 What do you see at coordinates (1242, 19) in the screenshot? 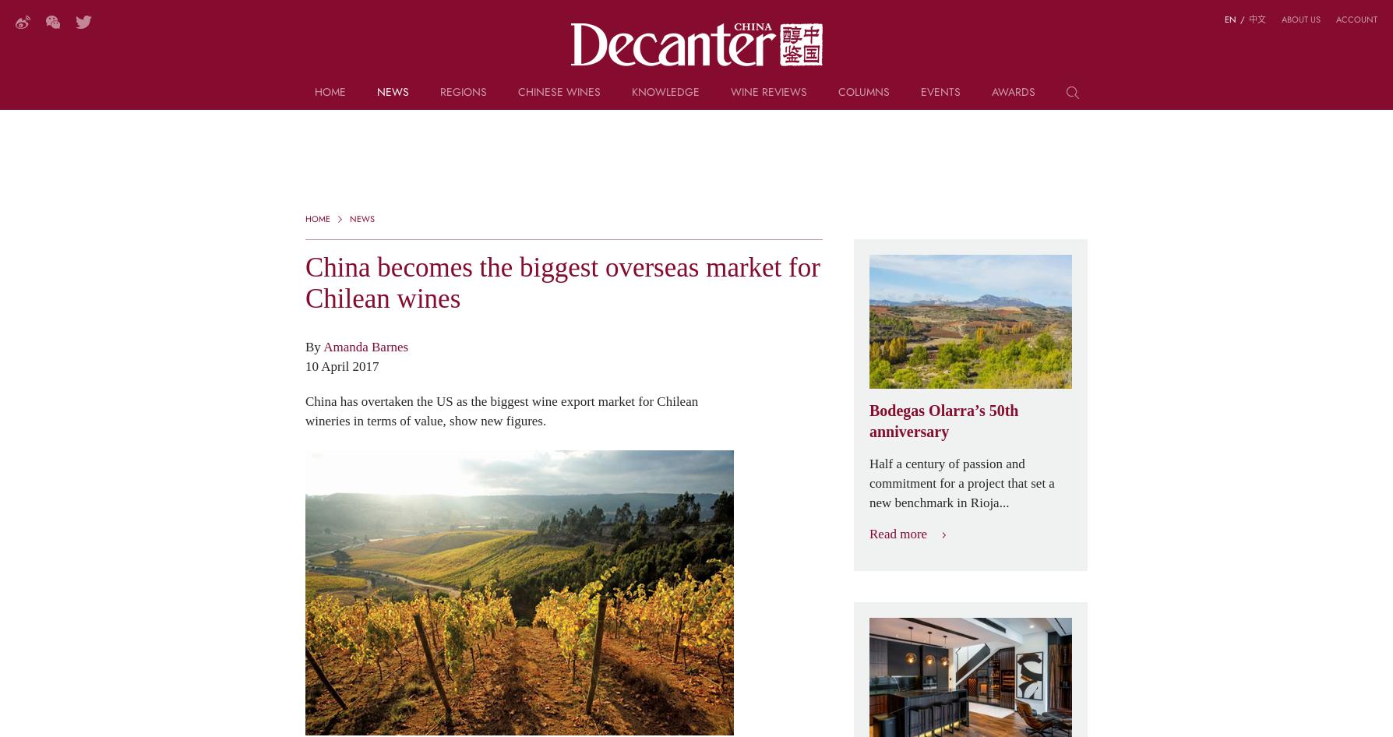
I see `'/'` at bounding box center [1242, 19].